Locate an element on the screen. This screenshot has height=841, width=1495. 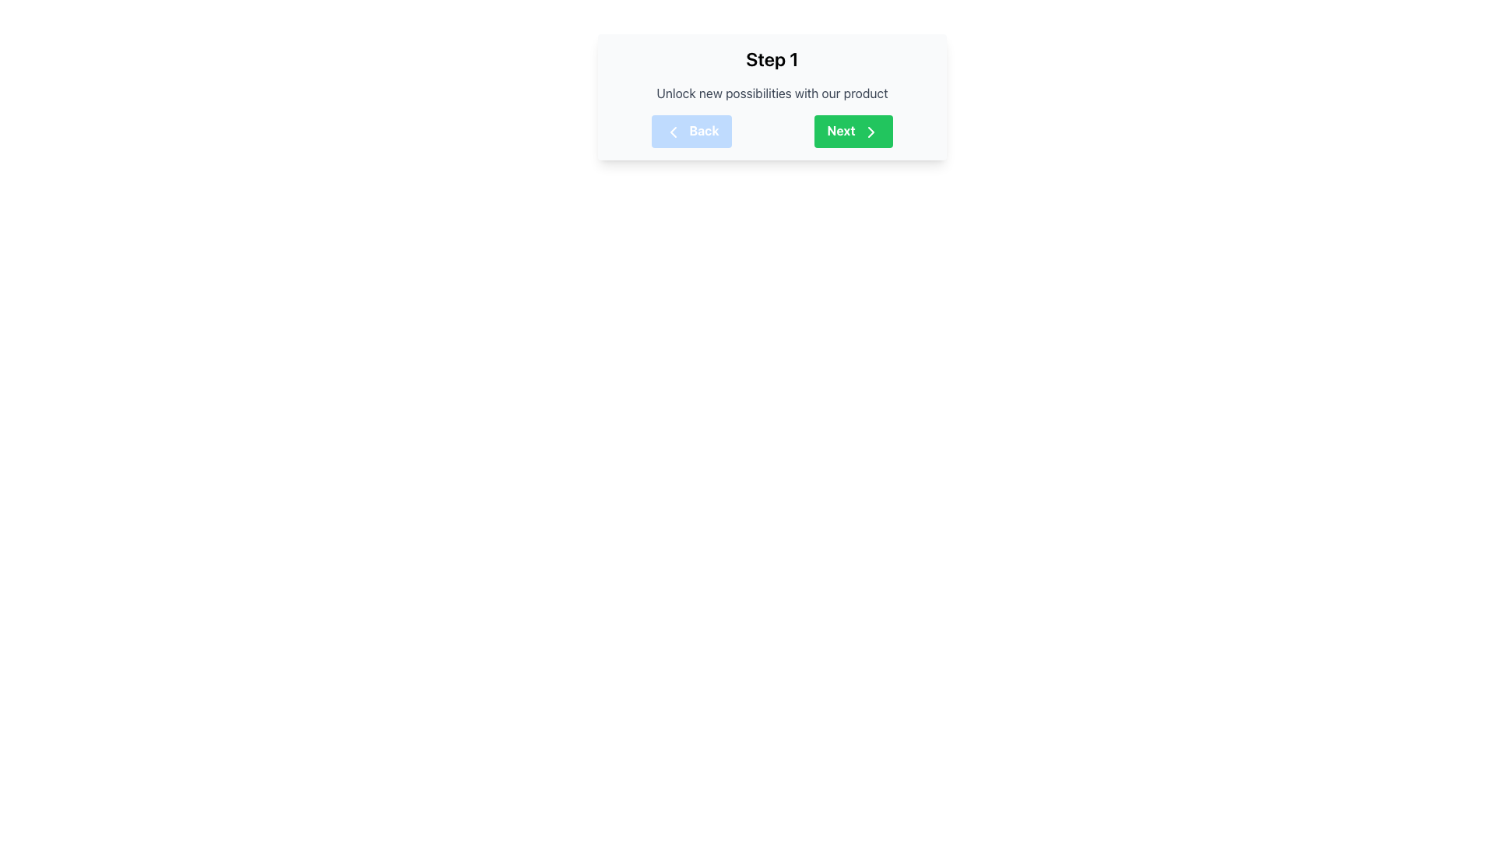
the 'Next' button located on the right side of the horizontally-aligned pair of buttons to proceed to the next step or page is located at coordinates (853, 130).